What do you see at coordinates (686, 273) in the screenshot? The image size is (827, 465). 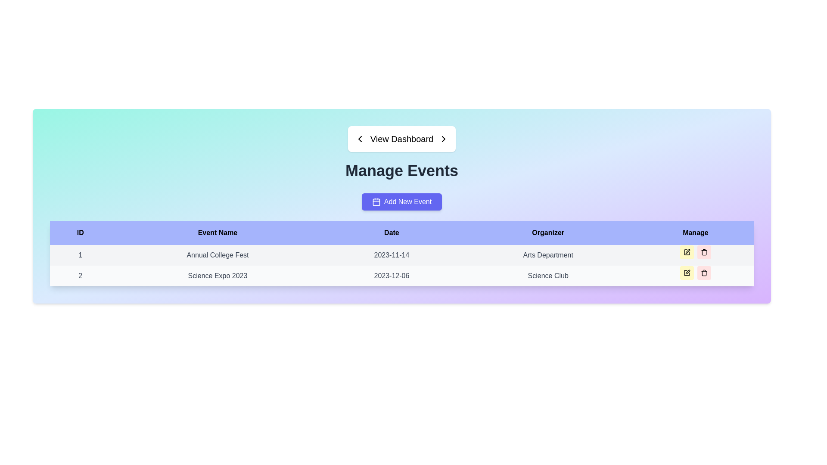 I see `the Icon button located at the bottom right of the second row under the 'Manage' column in the table, which is a square-shaped icon with rounded corners` at bounding box center [686, 273].